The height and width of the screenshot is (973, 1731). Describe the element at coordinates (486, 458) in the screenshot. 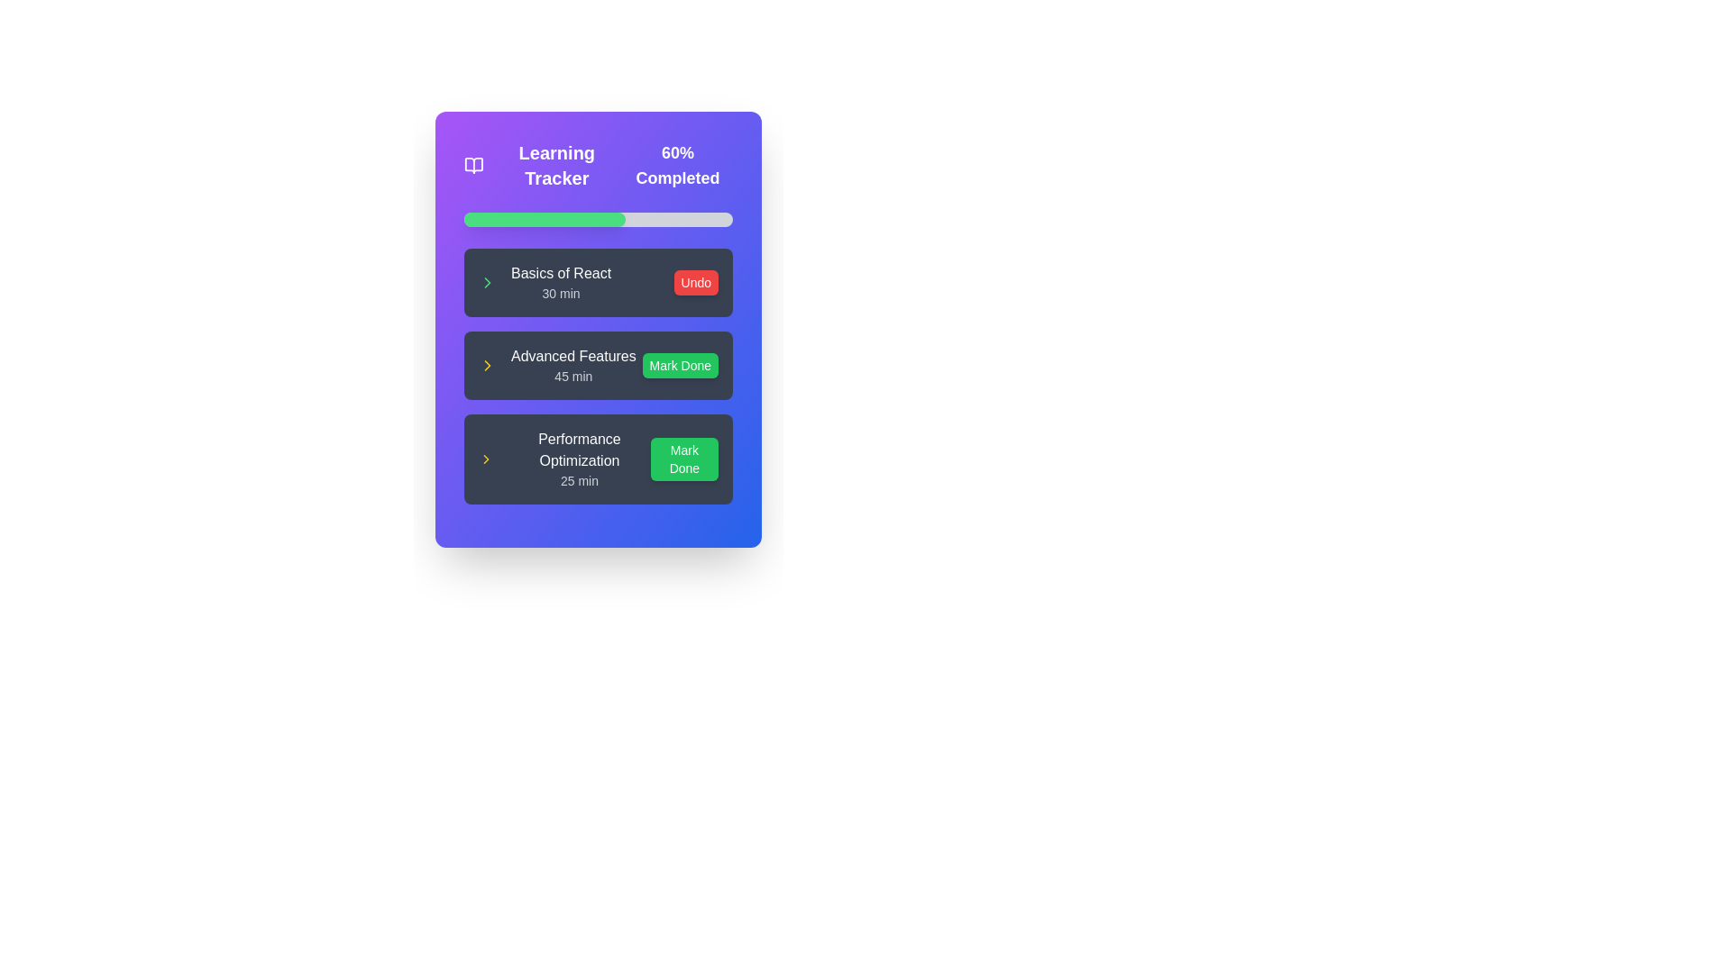

I see `the right-facing chevron icon in the 'Advanced Features' list item` at that location.